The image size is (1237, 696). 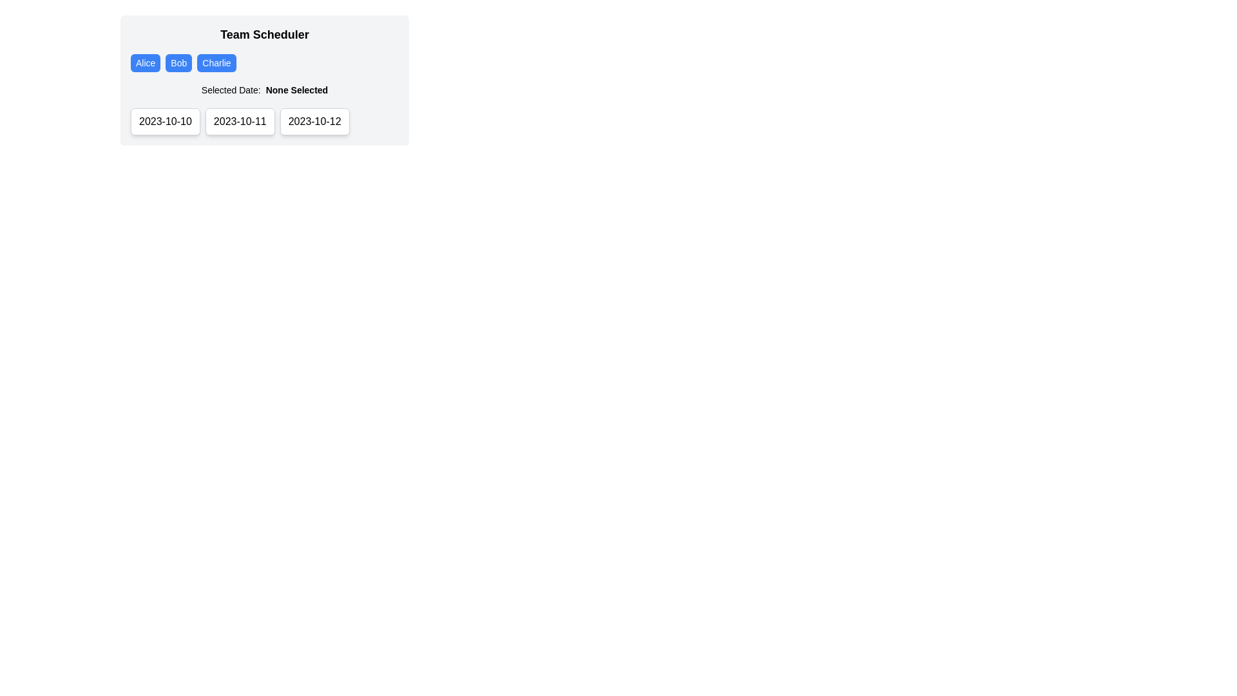 What do you see at coordinates (164, 122) in the screenshot?
I see `the button labeled '2023-10-10' with a white background and light gray outline` at bounding box center [164, 122].